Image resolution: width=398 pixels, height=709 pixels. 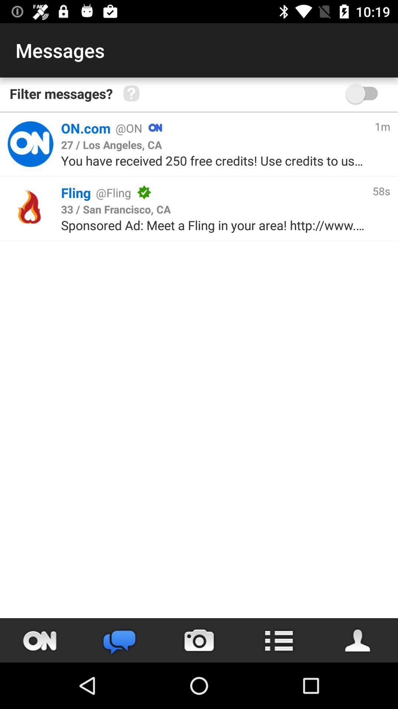 I want to click on person, so click(x=358, y=640).